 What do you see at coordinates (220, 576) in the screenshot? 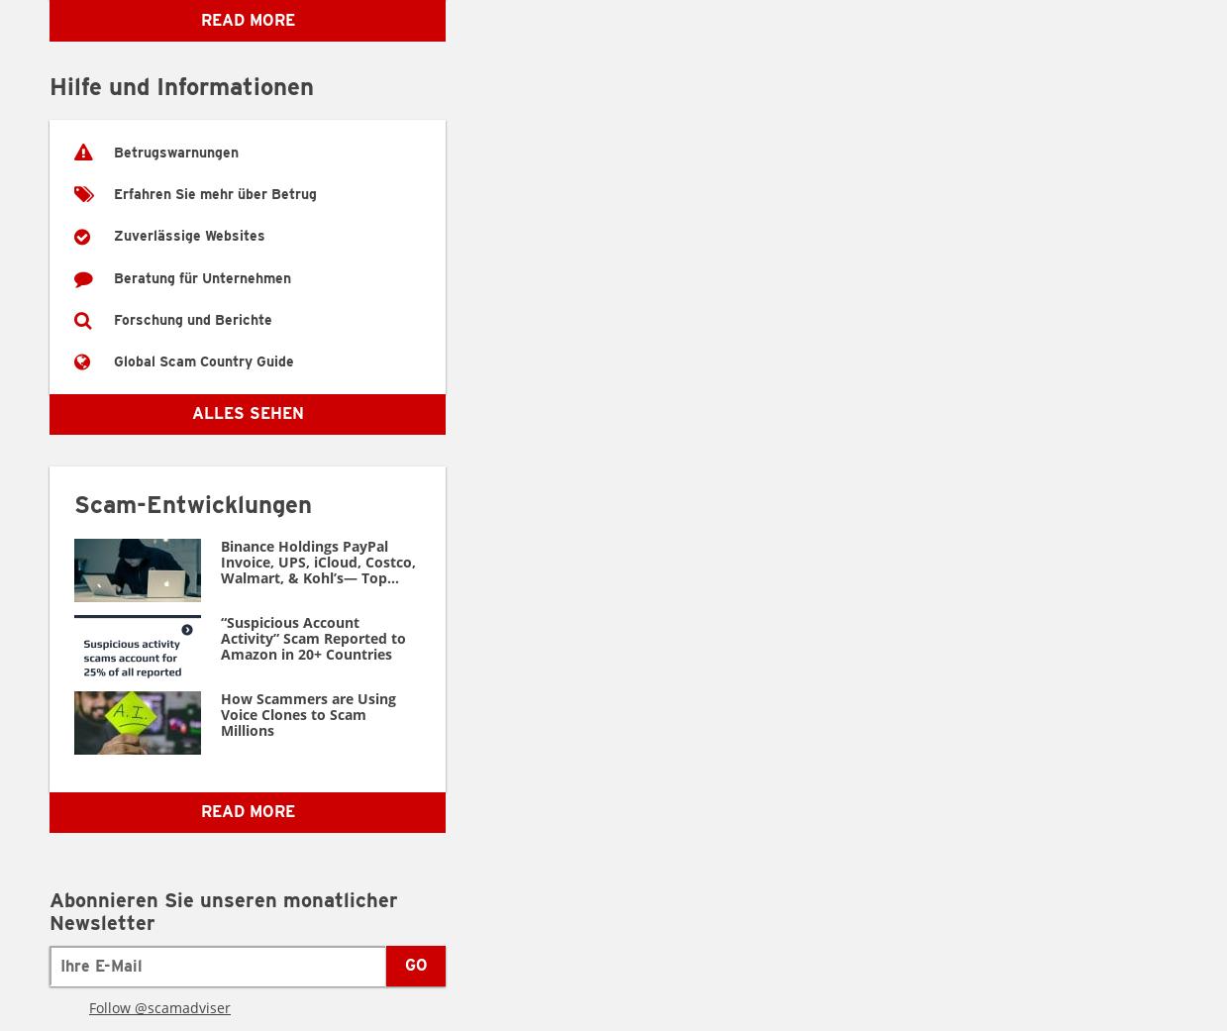
I see `'Binance Holdings PayPal Invoice, UPS, iCloud, Costco, Walmart, & Kohl’s— Top Scams and Phishing Attempts This Week'` at bounding box center [220, 576].